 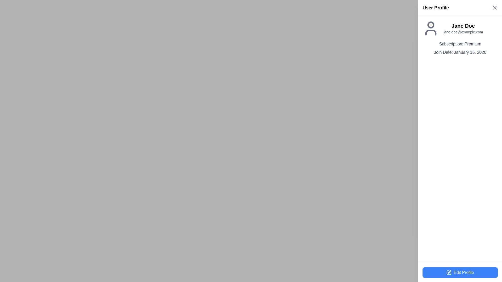 I want to click on the lower part of the user profile icon, which is styled in a line-drawing manner and located below the circular profile image in the top-right section of the layout, so click(x=431, y=32).